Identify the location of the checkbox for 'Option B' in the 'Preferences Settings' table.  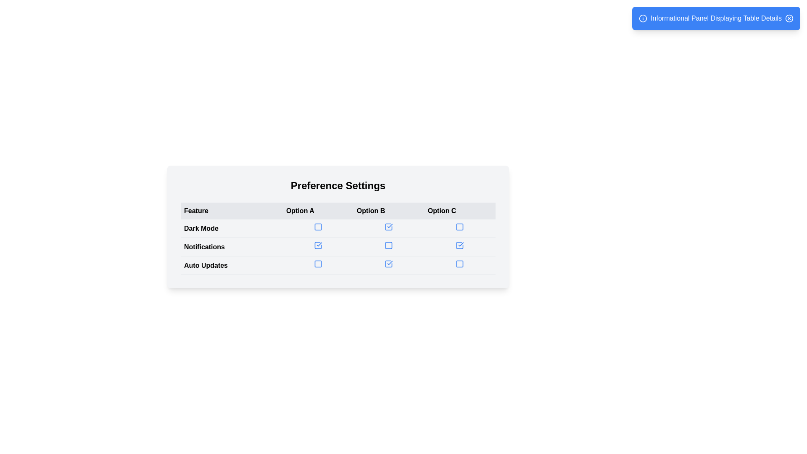
(317, 246).